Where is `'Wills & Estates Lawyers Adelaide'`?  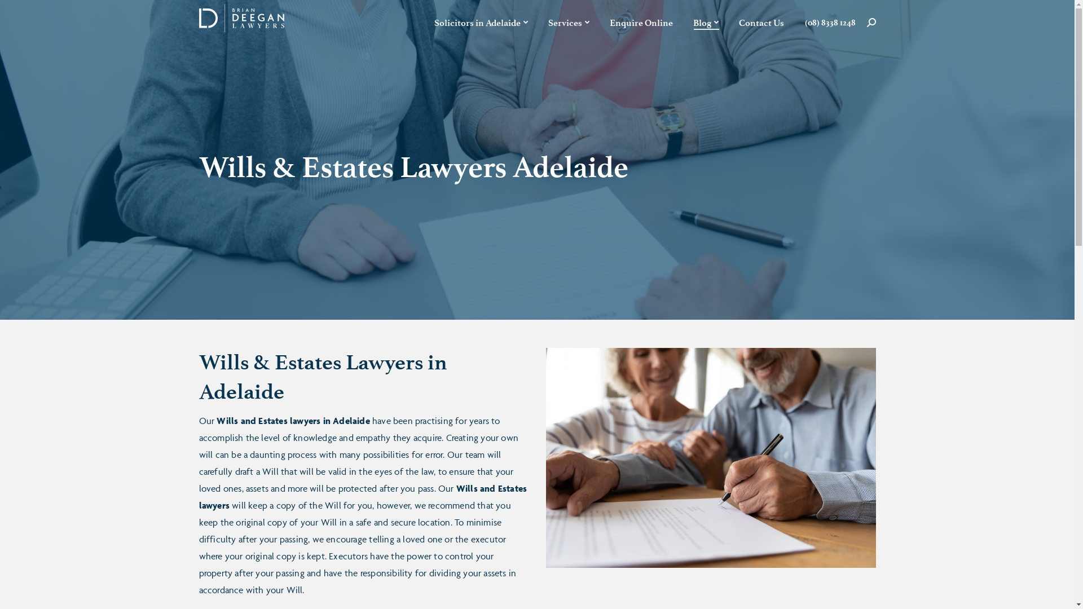
'Wills & Estates Lawyers Adelaide' is located at coordinates (710, 458).